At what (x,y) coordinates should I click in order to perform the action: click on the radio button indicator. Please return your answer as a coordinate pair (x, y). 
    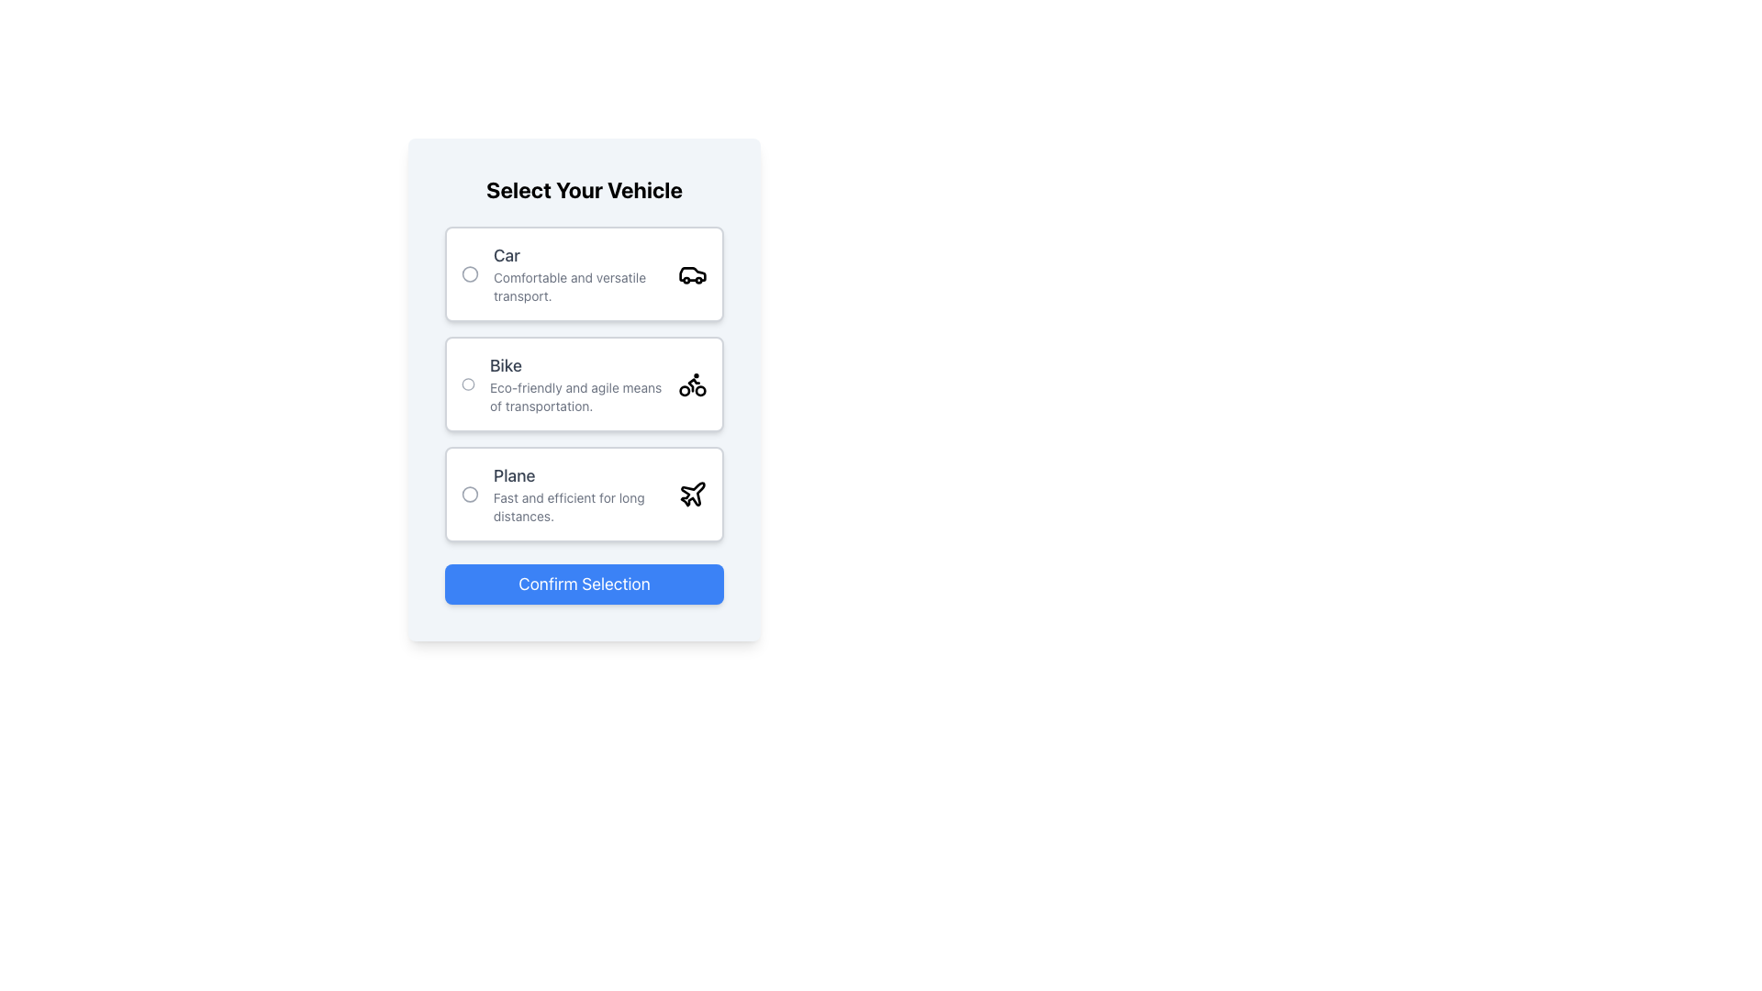
    Looking at the image, I should click on (470, 494).